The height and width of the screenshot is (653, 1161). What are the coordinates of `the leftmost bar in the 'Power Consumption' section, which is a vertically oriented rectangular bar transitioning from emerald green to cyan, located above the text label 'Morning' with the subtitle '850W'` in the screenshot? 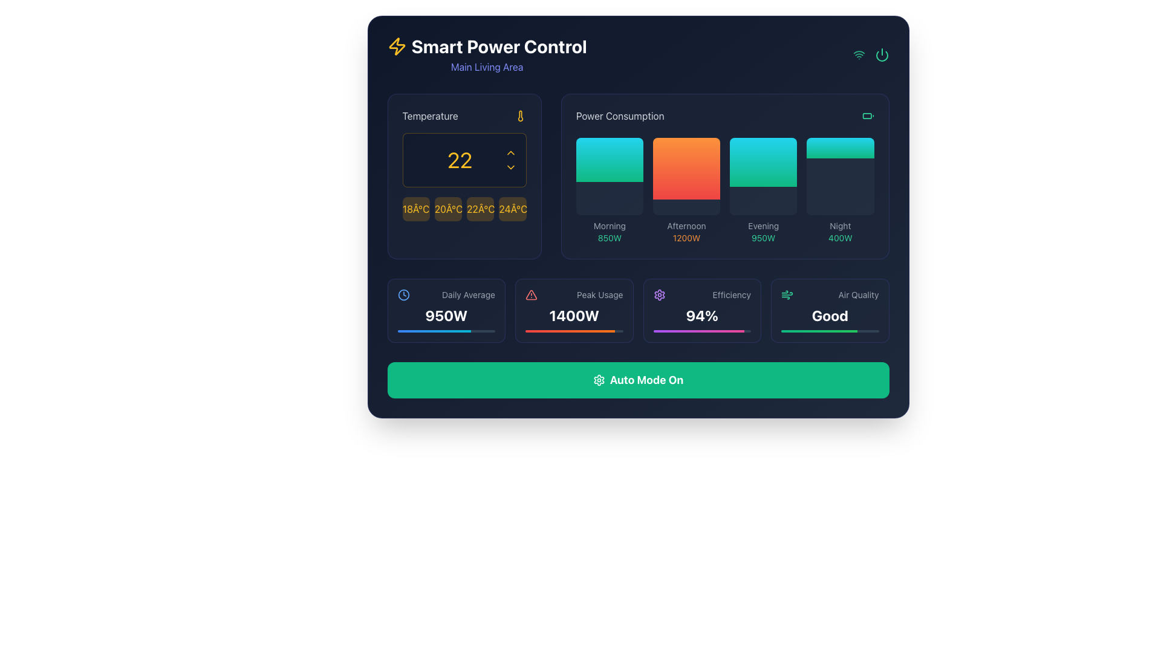 It's located at (610, 177).